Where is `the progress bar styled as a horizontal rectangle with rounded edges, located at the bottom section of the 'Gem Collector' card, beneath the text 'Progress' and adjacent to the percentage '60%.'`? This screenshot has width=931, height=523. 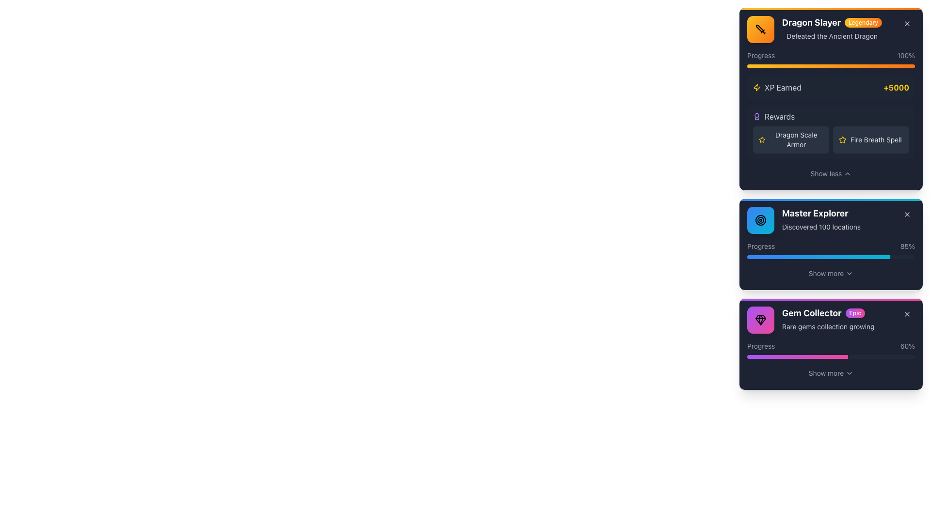 the progress bar styled as a horizontal rectangle with rounded edges, located at the bottom section of the 'Gem Collector' card, beneath the text 'Progress' and adjacent to the percentage '60%.' is located at coordinates (830, 356).